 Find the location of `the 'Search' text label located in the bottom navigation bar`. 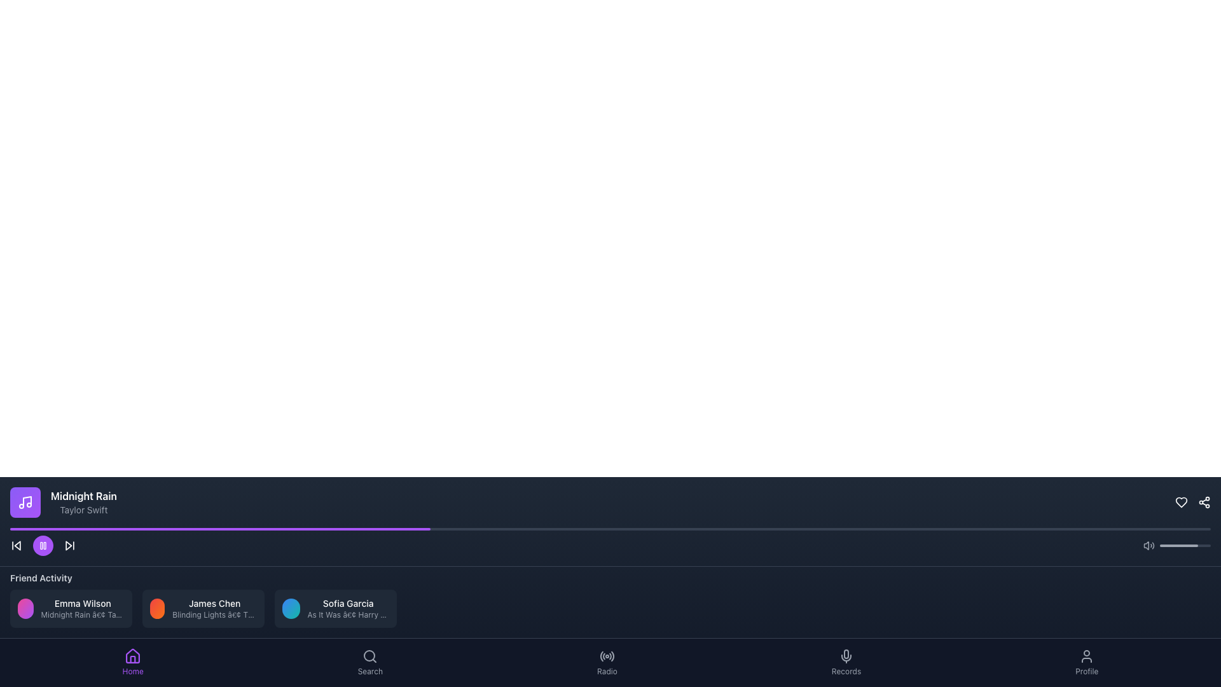

the 'Search' text label located in the bottom navigation bar is located at coordinates (369, 671).